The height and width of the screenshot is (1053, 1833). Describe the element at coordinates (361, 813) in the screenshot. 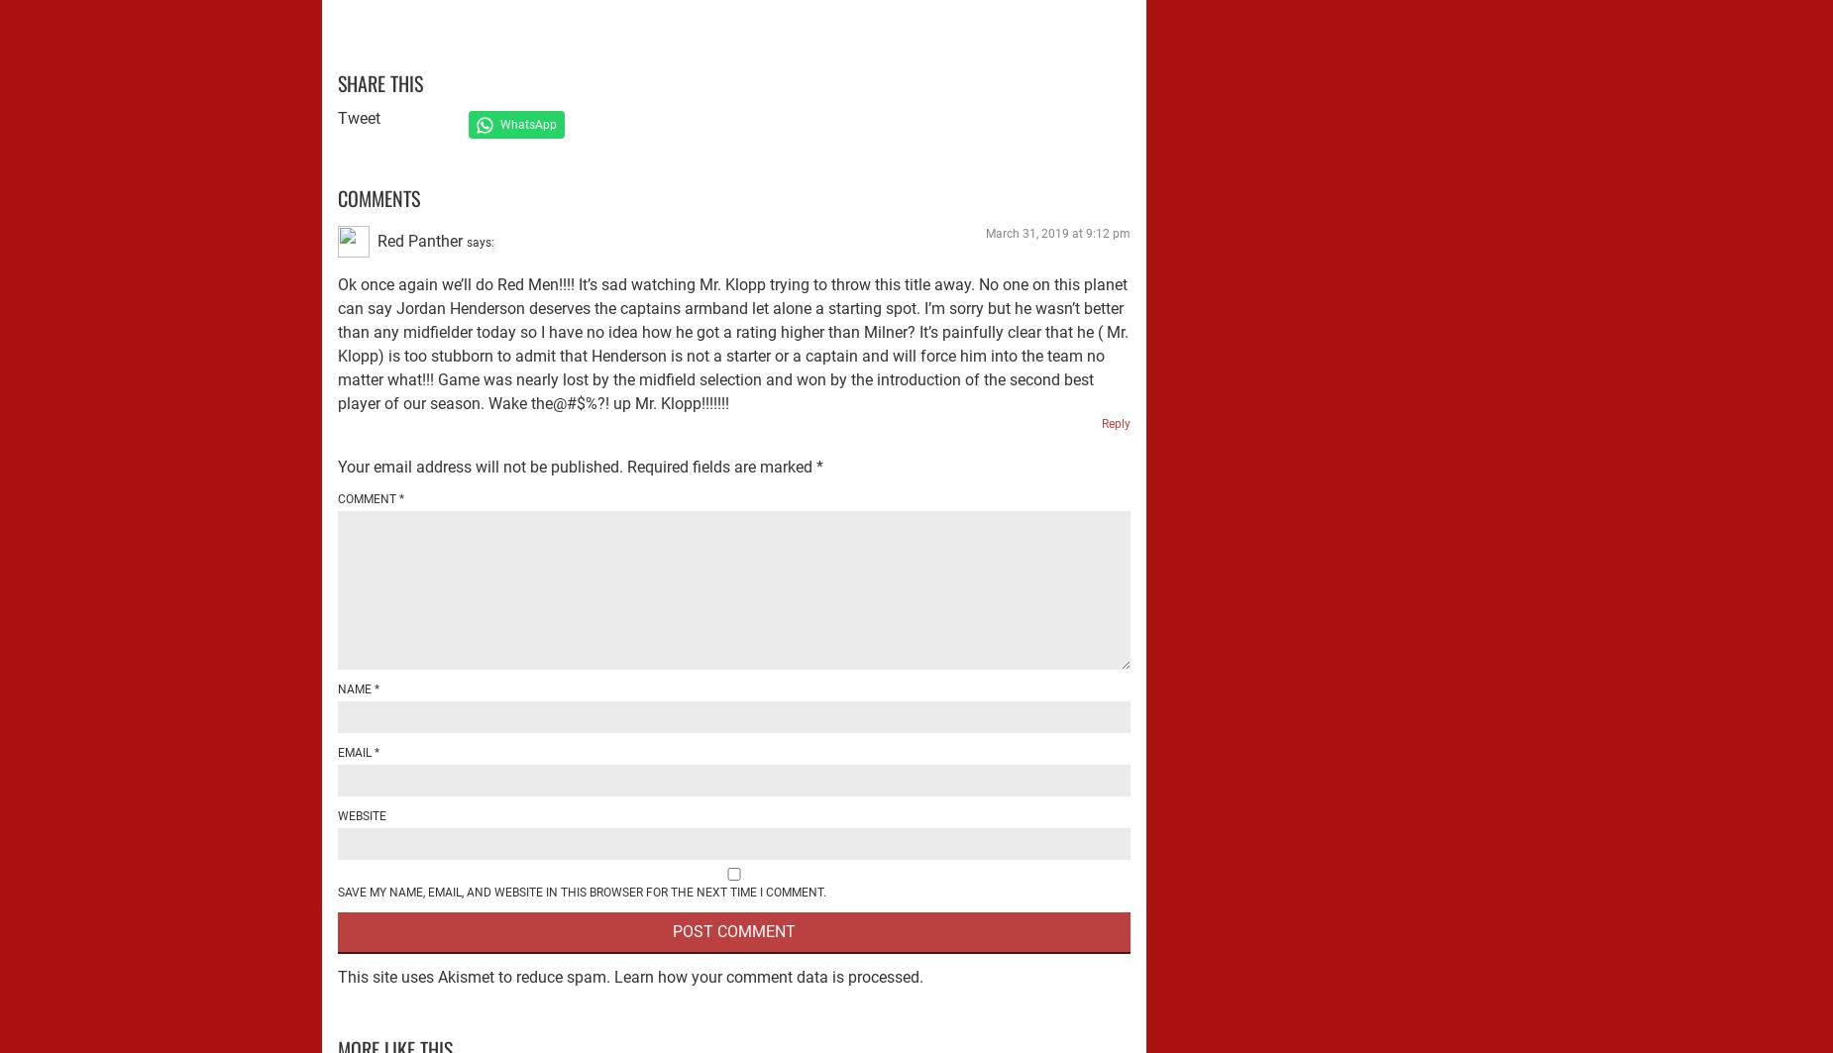

I see `'Website'` at that location.